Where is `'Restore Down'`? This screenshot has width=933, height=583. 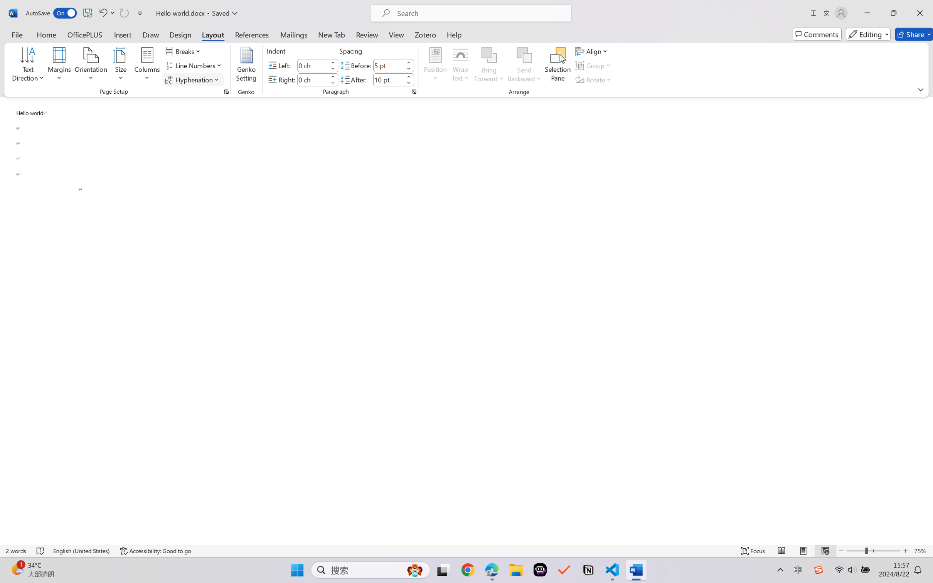
'Restore Down' is located at coordinates (894, 13).